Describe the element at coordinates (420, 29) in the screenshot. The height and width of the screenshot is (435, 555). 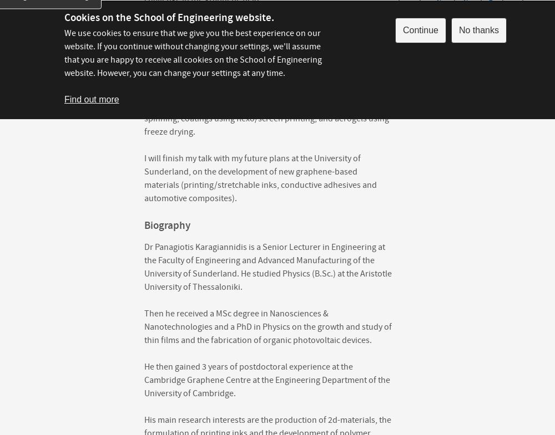
I see `'Continue'` at that location.